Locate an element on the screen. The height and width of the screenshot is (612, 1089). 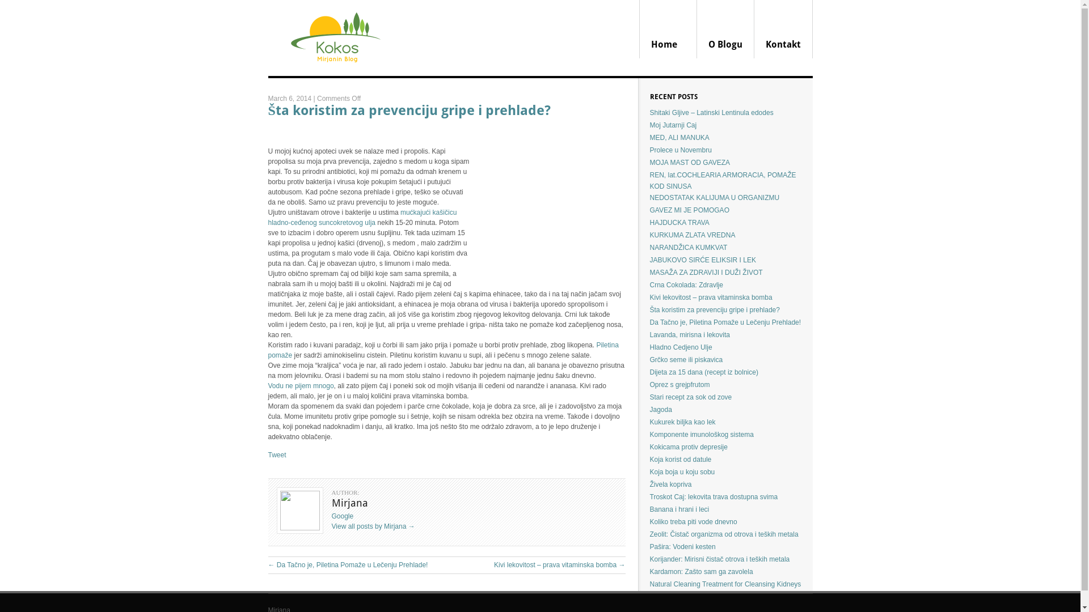
'Stari recept za sok od zove' is located at coordinates (690, 397).